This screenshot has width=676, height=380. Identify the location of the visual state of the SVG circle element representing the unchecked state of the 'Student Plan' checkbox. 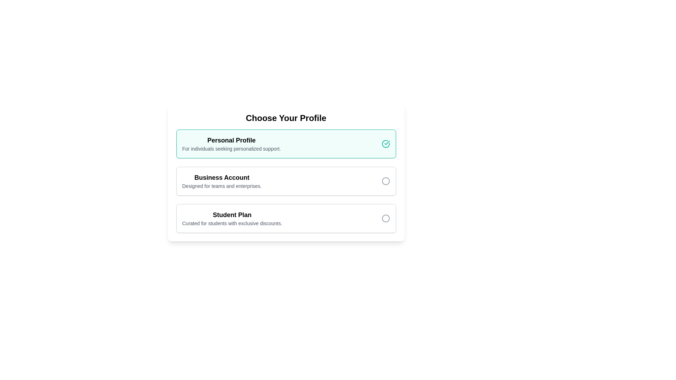
(385, 218).